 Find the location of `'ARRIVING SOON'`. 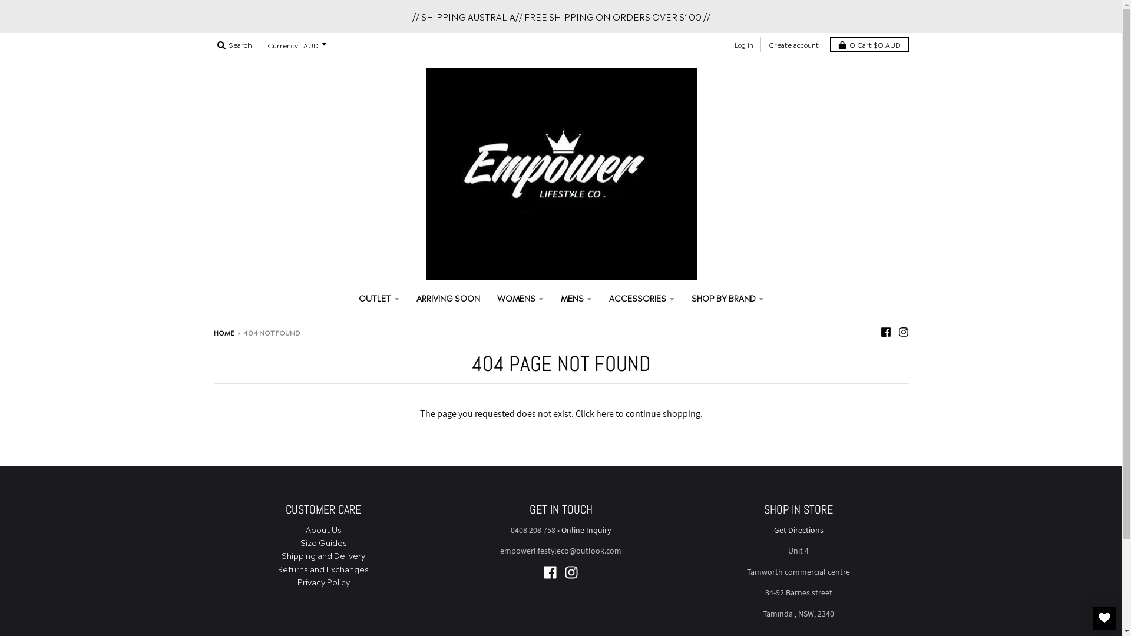

'ARRIVING SOON' is located at coordinates (448, 297).